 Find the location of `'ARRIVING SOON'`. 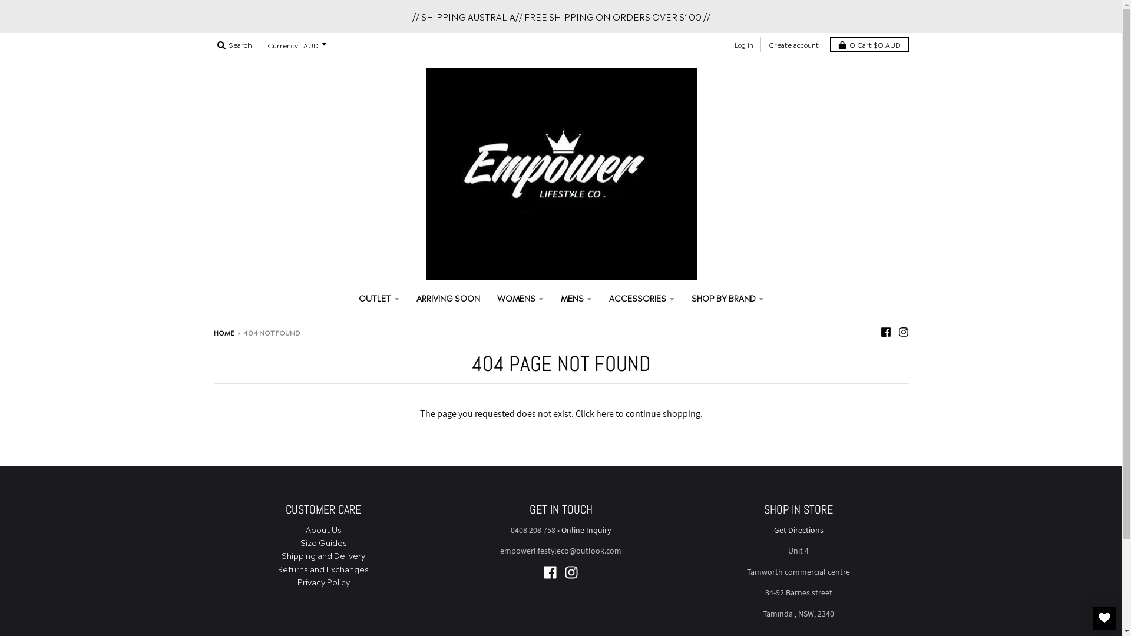

'ARRIVING SOON' is located at coordinates (448, 297).